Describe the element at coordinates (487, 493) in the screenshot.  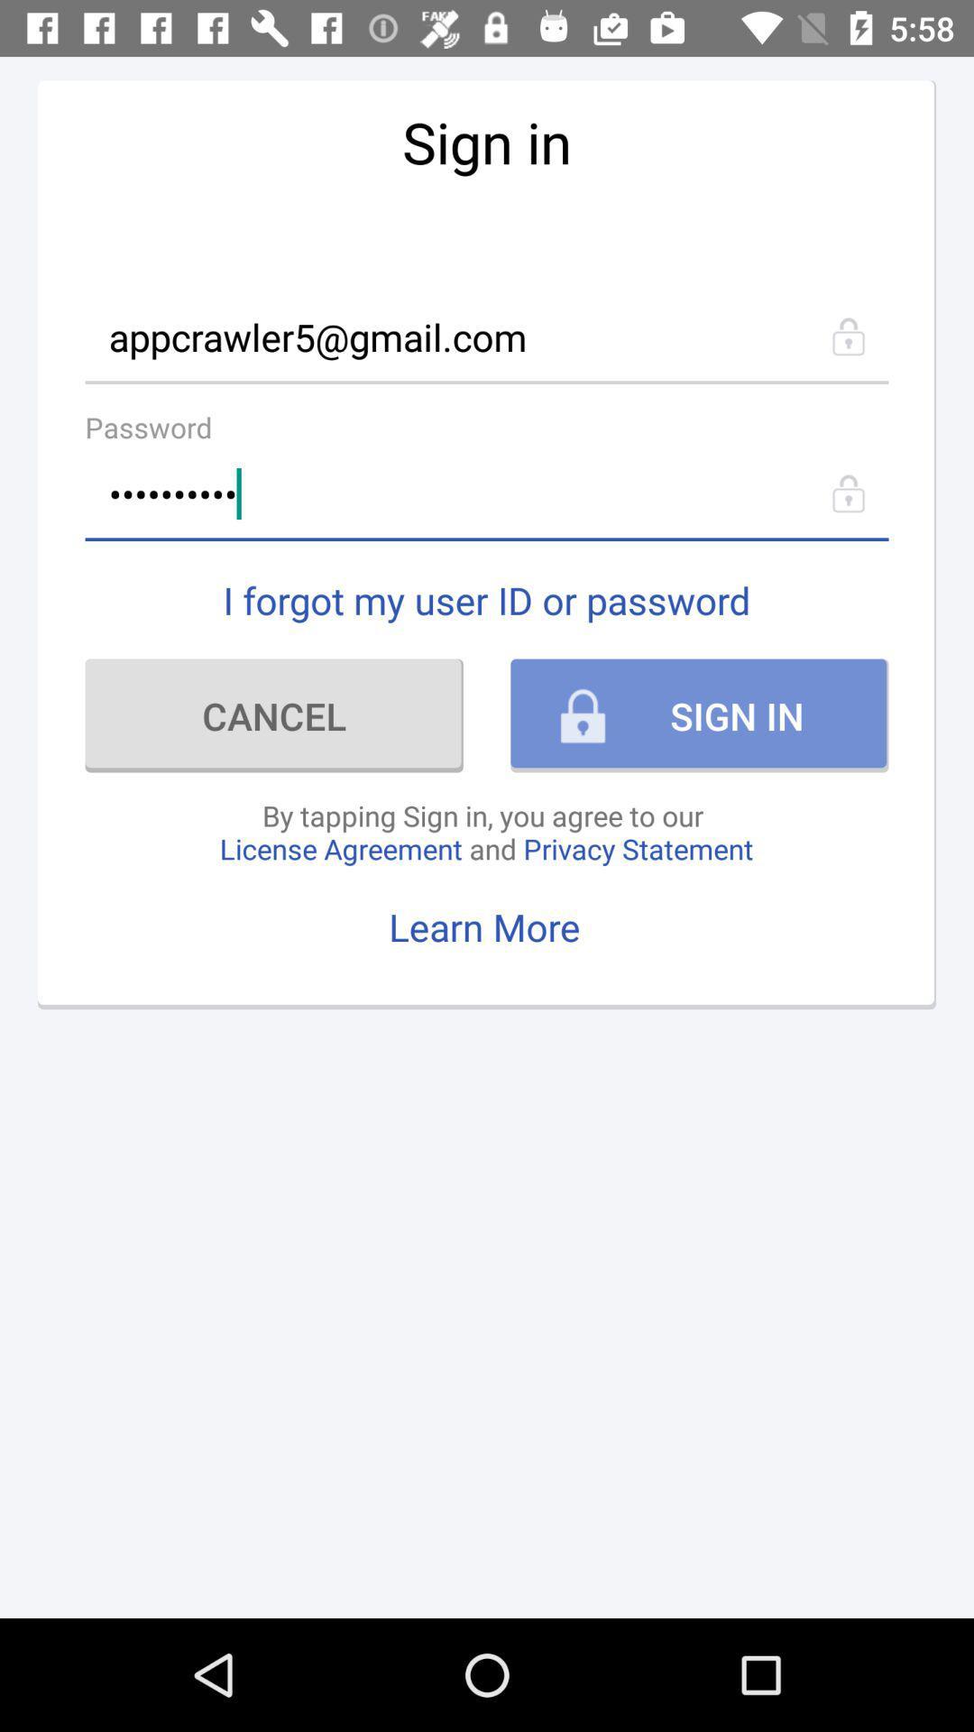
I see `crowd3116# item` at that location.